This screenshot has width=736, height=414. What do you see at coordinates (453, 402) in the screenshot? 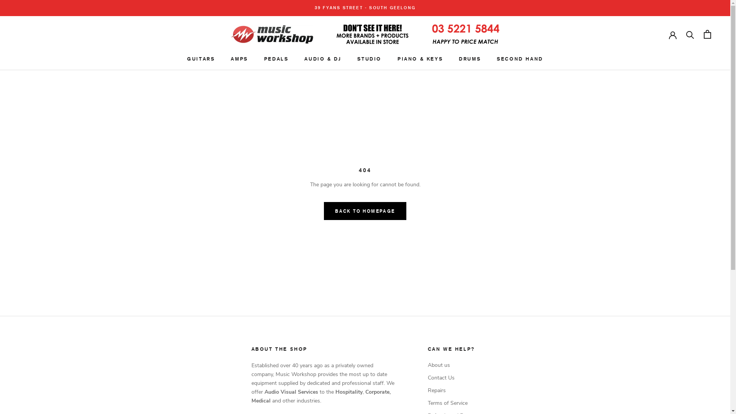
I see `'Terms of Service'` at bounding box center [453, 402].